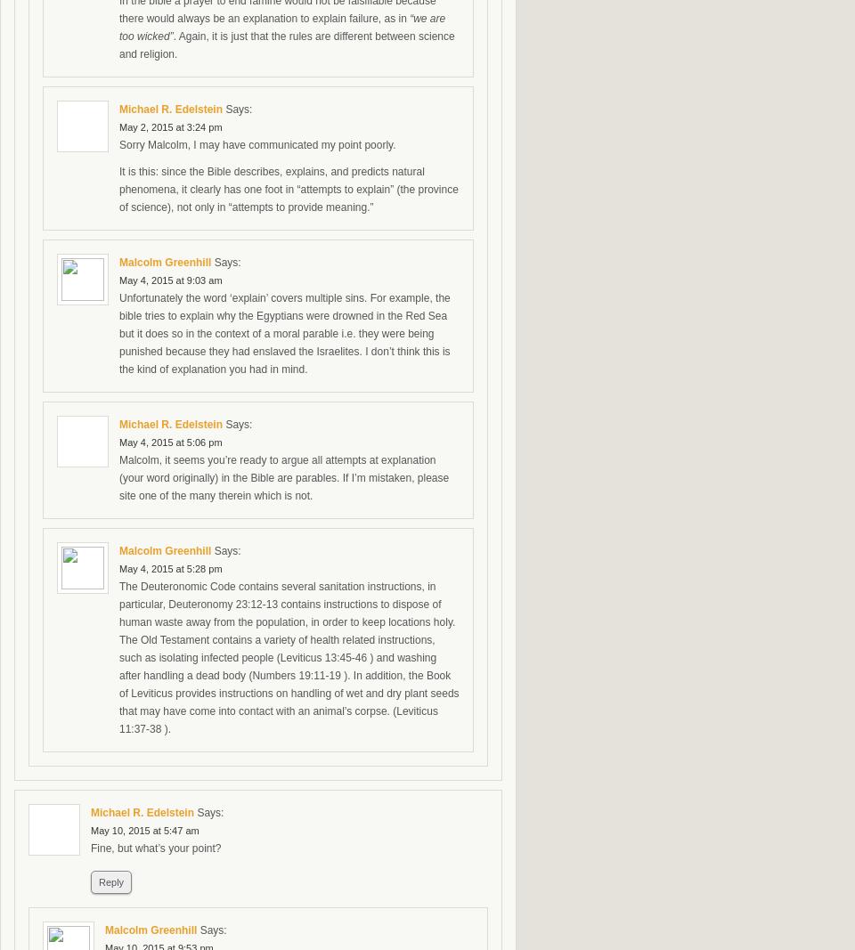 The height and width of the screenshot is (950, 855). Describe the element at coordinates (284, 478) in the screenshot. I see `'Malcolm, it seems you’re ready to argue all attempts at explanation (your word originally) in the Bible are parables. If I’m mistaken, please site one of the many therein which is not.'` at that location.